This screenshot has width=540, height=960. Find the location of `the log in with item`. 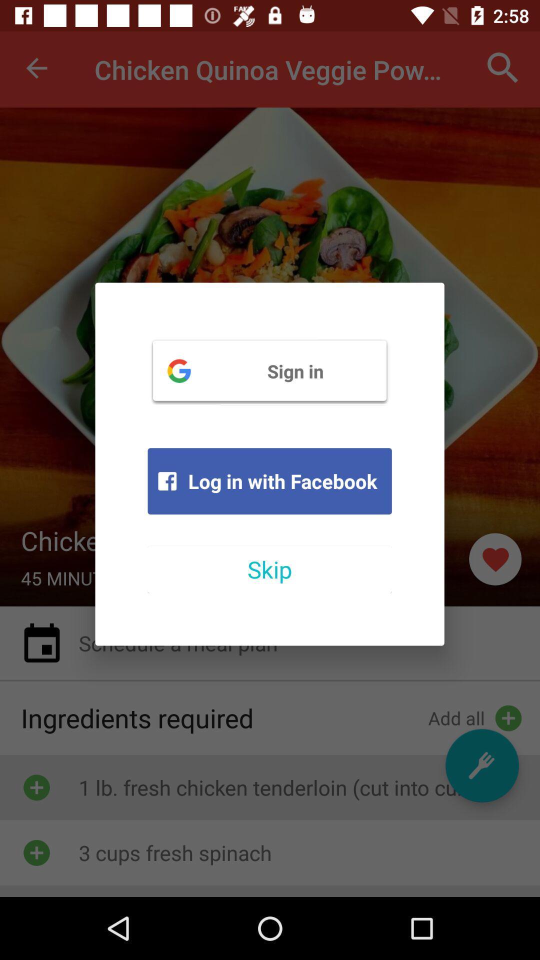

the log in with item is located at coordinates (269, 481).